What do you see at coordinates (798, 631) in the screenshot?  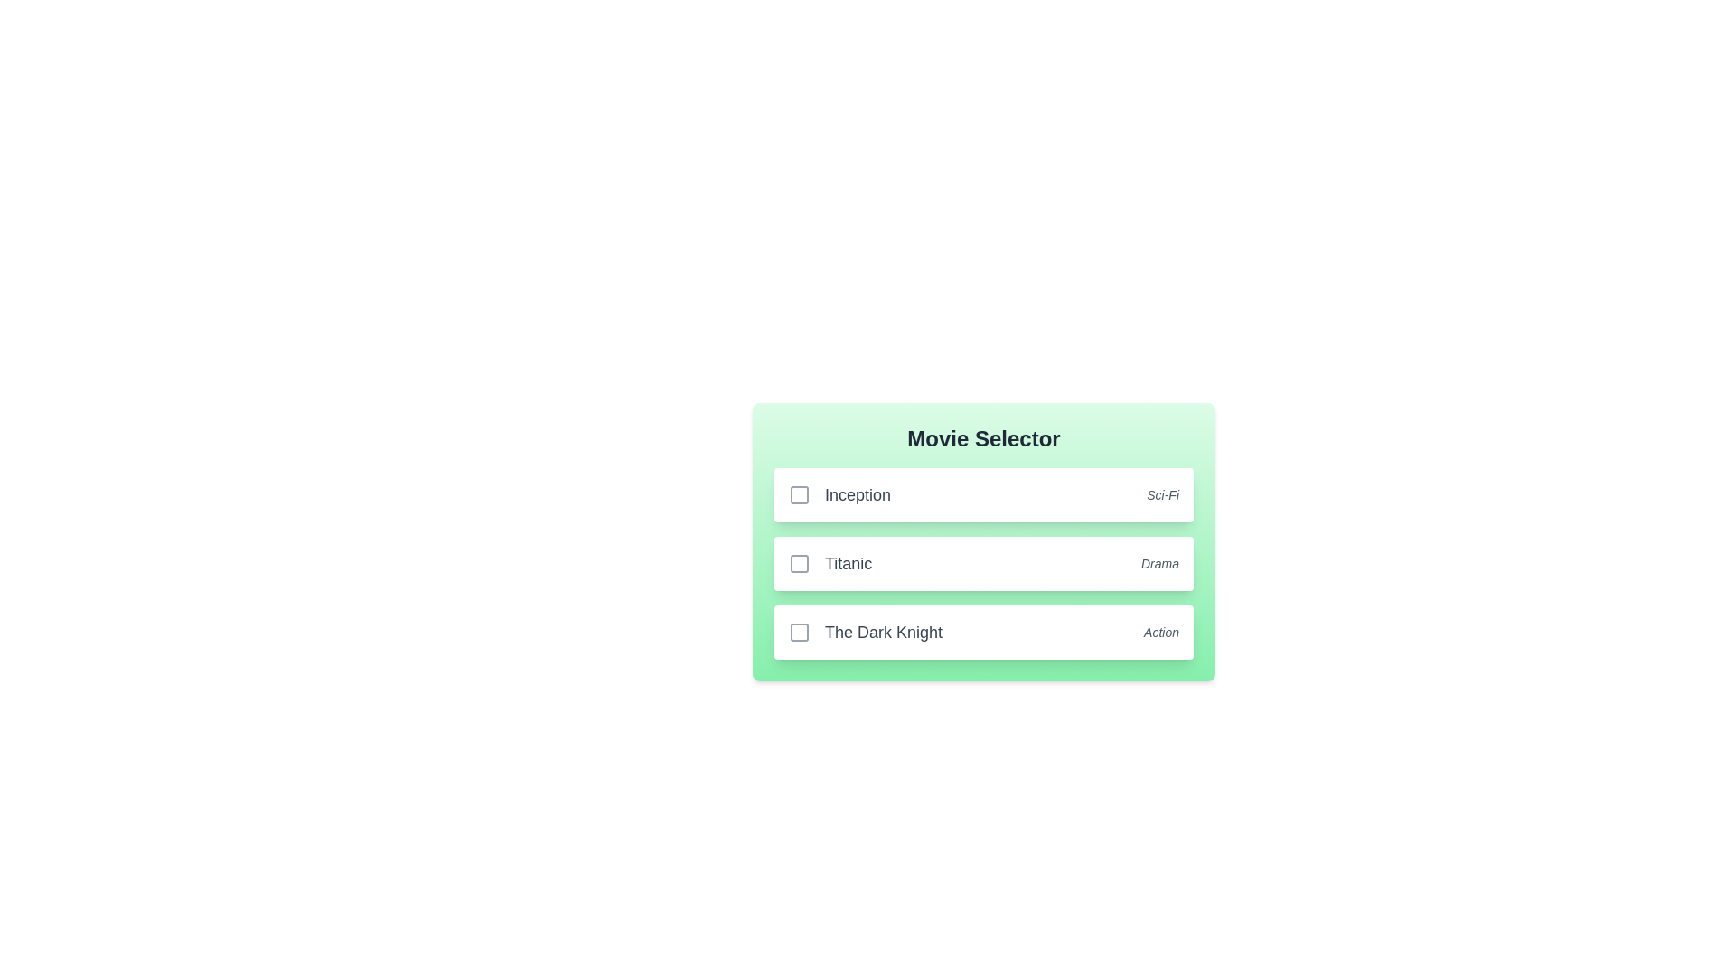 I see `the movie The Dark Knight by clicking its checkbox` at bounding box center [798, 631].